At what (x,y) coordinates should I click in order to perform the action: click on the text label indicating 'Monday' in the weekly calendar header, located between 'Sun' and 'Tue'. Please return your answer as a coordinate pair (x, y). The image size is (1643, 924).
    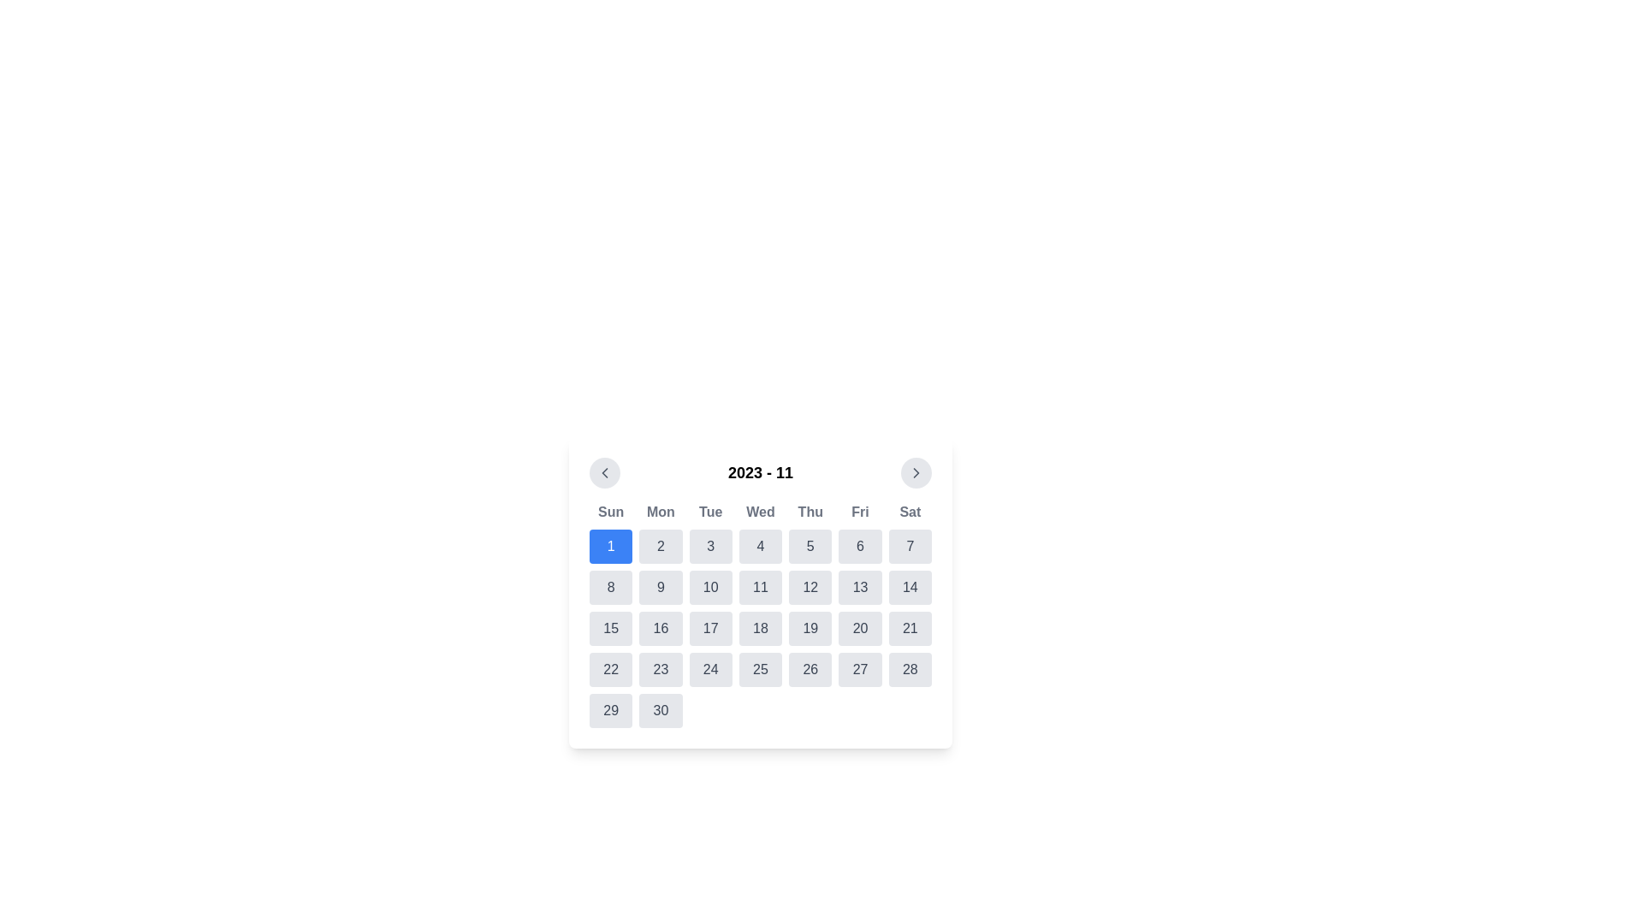
    Looking at the image, I should click on (660, 511).